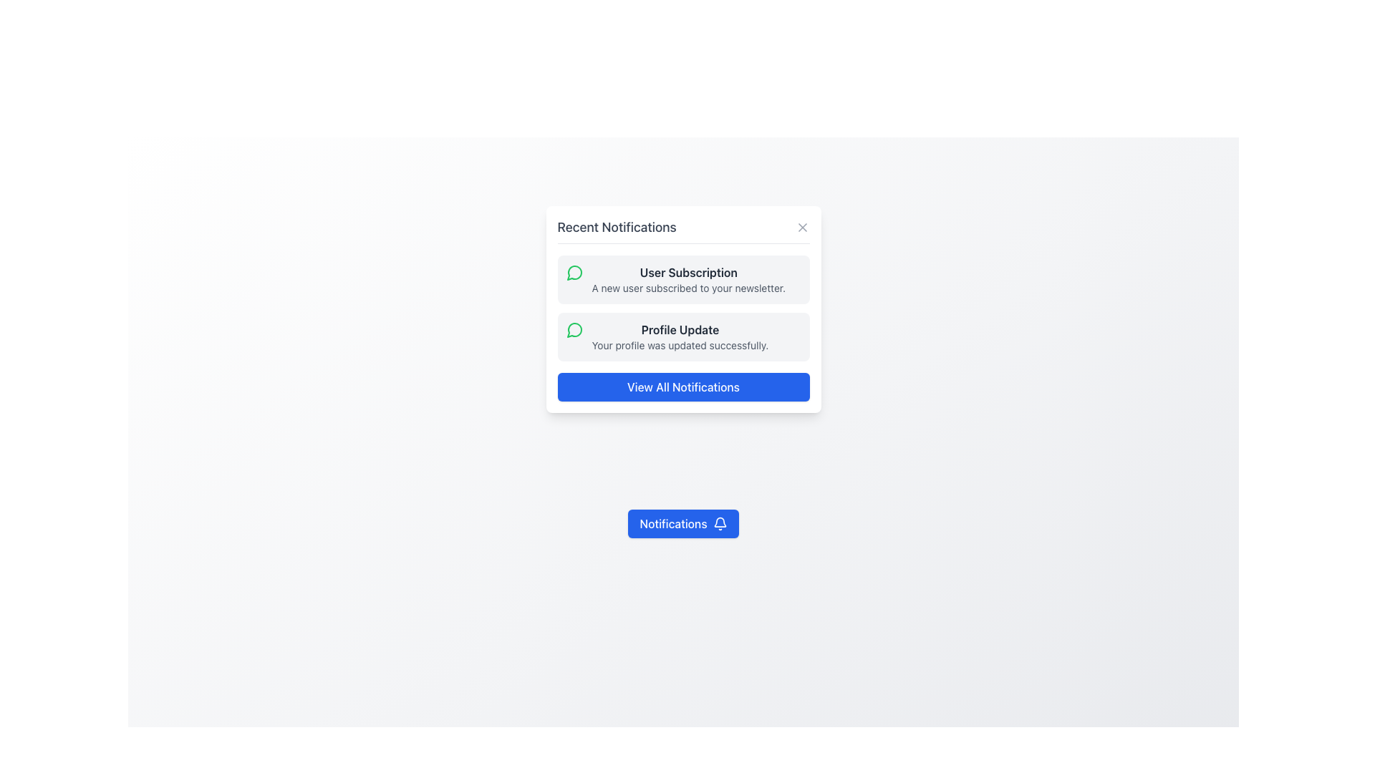  I want to click on the 'X' icon in the upper-right corner of the notification panel, so click(802, 226).